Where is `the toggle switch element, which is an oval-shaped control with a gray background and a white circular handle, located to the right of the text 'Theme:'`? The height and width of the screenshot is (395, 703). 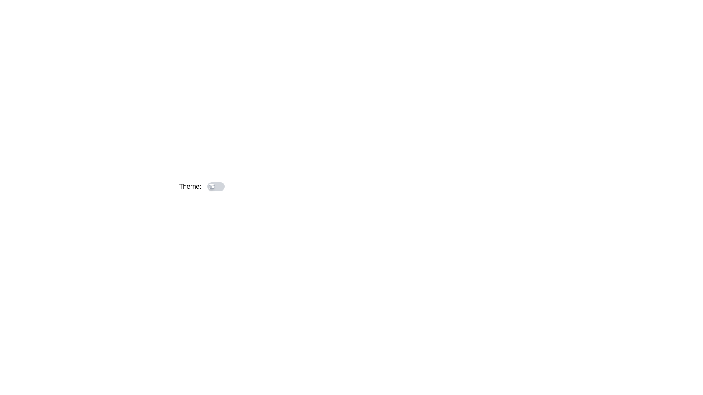 the toggle switch element, which is an oval-shaped control with a gray background and a white circular handle, located to the right of the text 'Theme:' is located at coordinates (216, 186).